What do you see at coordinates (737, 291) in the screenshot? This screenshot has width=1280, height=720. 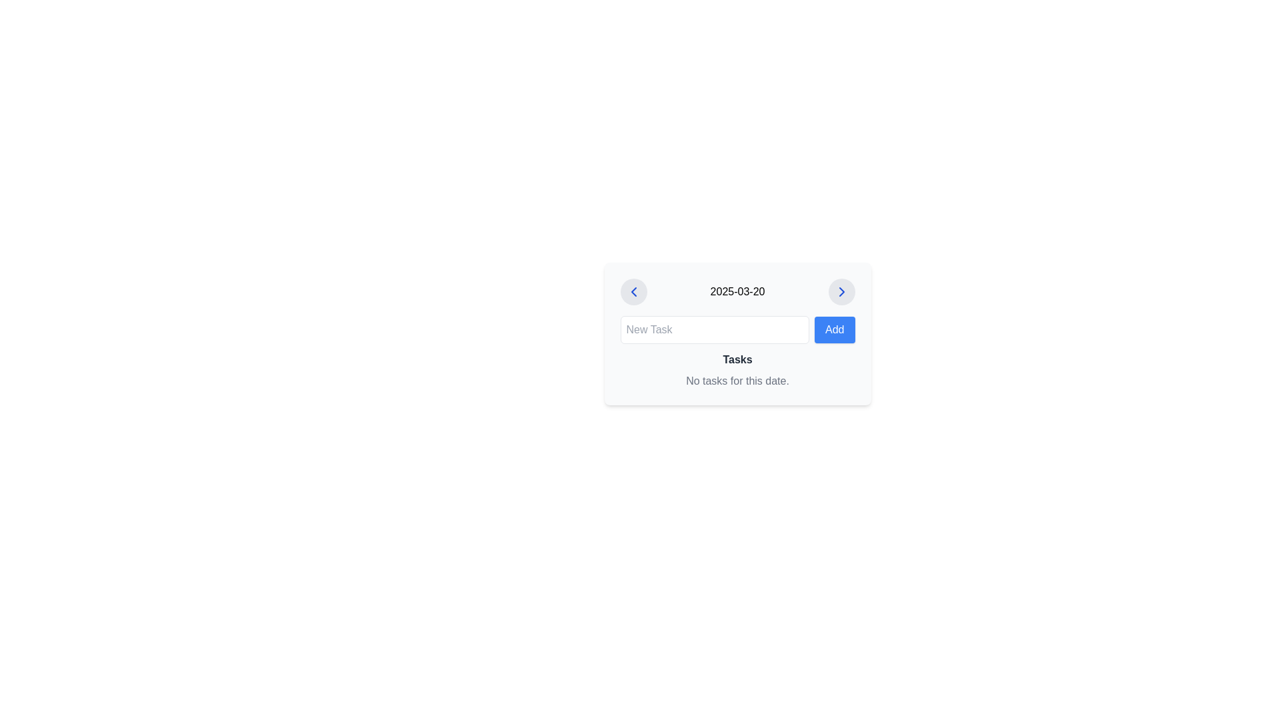 I see `the TextLabel that displays the currently selected date, located at the top center of the interface` at bounding box center [737, 291].